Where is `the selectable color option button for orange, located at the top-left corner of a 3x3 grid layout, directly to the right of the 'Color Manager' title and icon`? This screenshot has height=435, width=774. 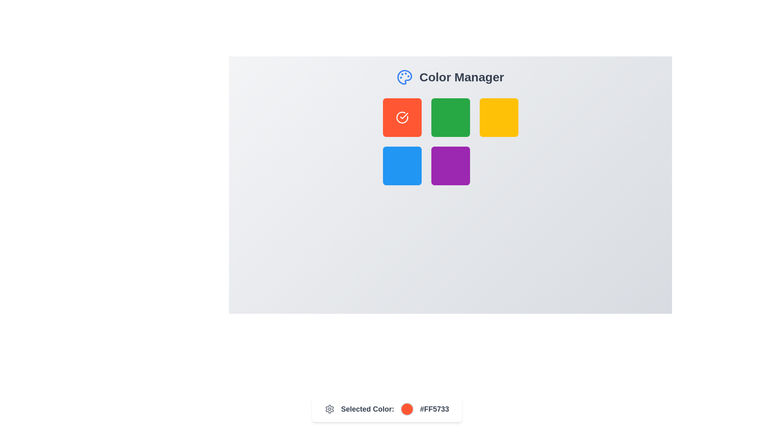
the selectable color option button for orange, located at the top-left corner of a 3x3 grid layout, directly to the right of the 'Color Manager' title and icon is located at coordinates (402, 118).